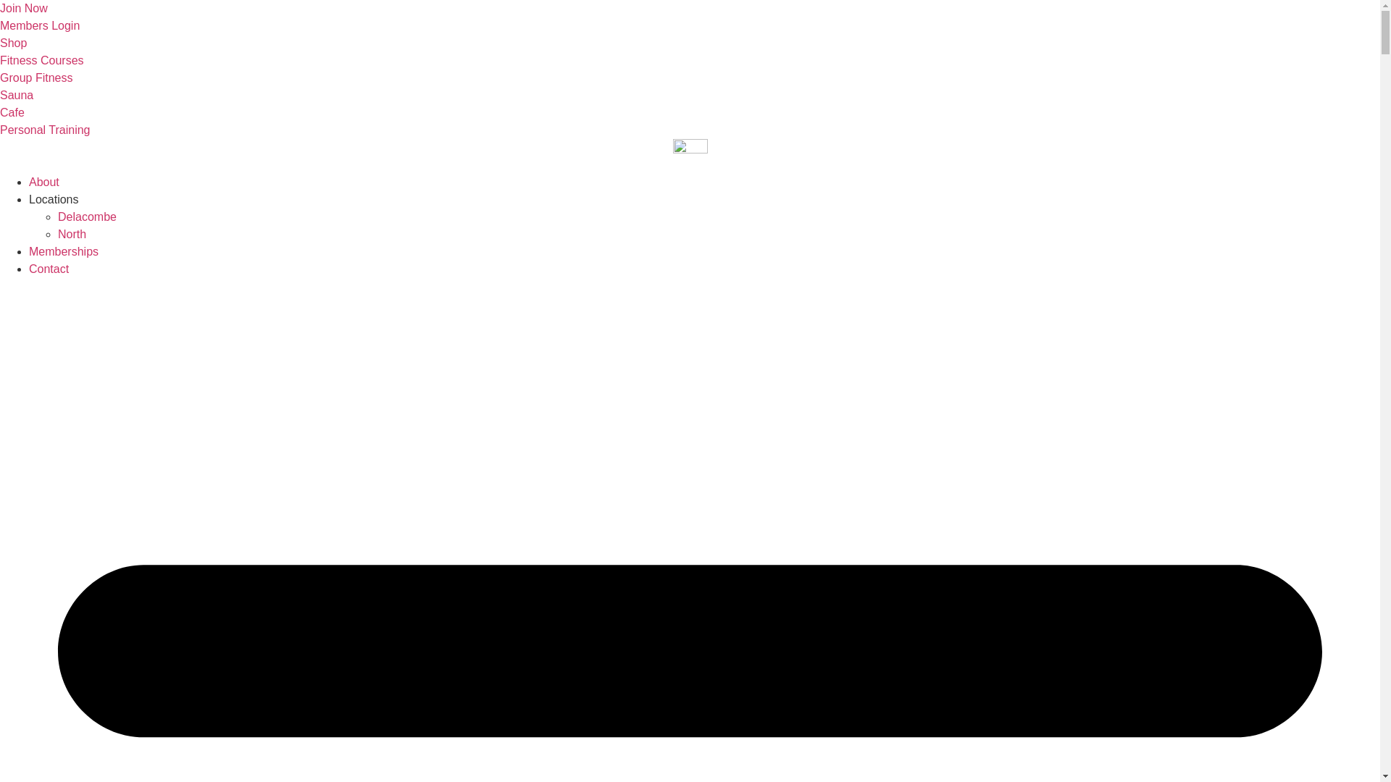 Image resolution: width=1391 pixels, height=782 pixels. I want to click on 'Members Login', so click(39, 25).